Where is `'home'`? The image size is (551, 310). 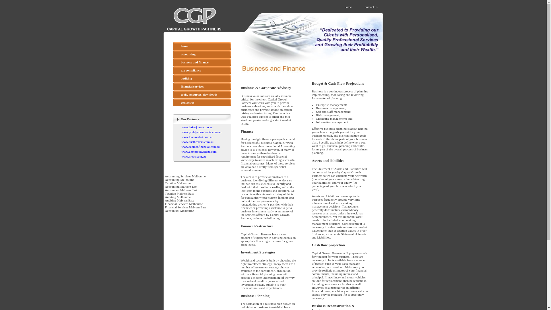
'home' is located at coordinates (344, 7).